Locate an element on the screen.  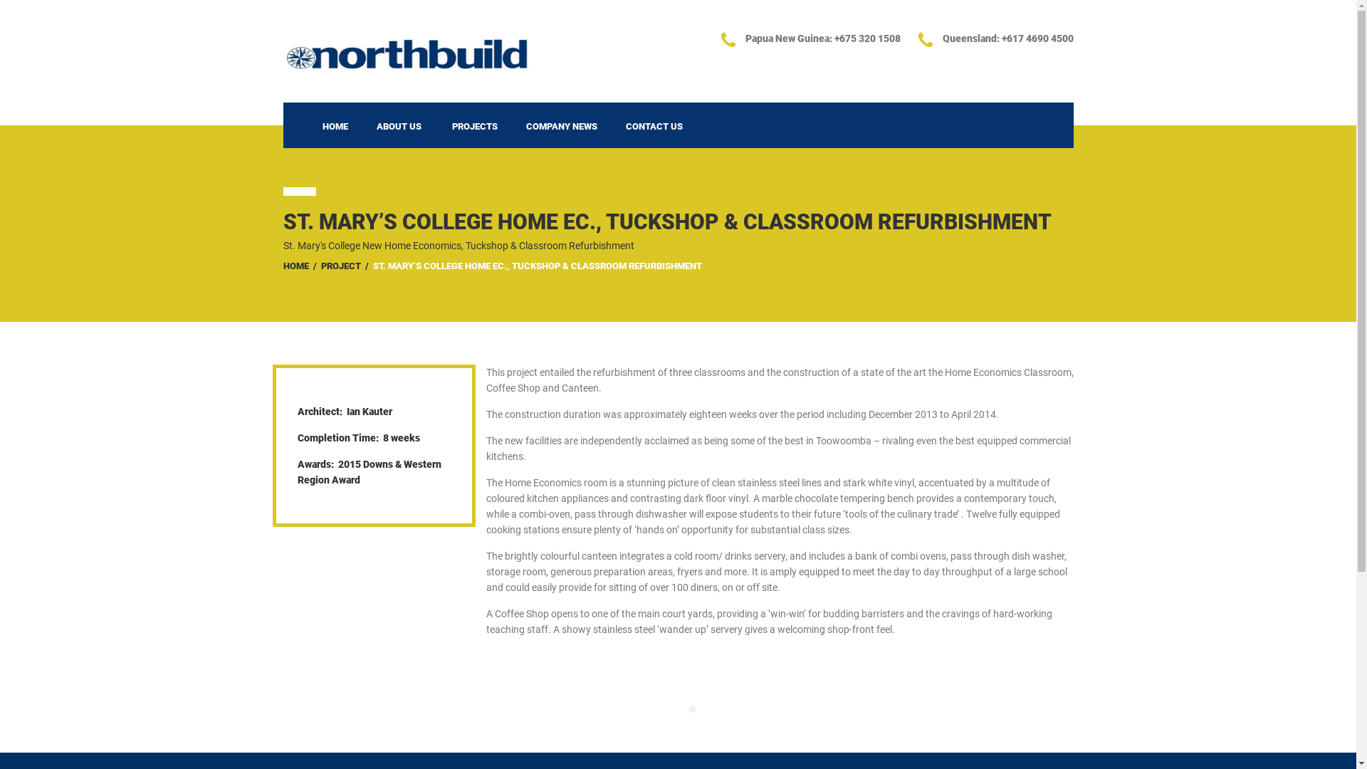
'COMPANY NEWS' is located at coordinates (560, 125).